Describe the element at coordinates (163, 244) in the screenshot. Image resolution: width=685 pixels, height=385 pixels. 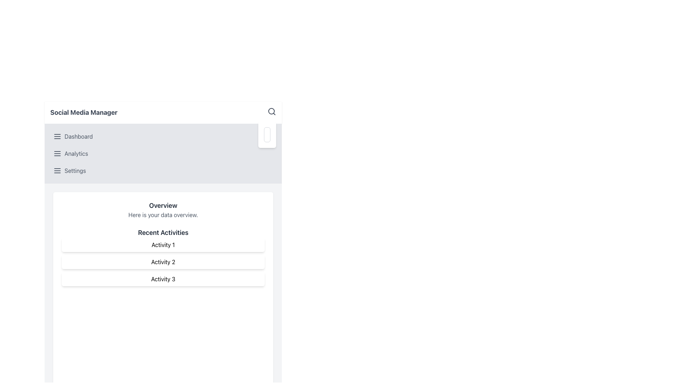
I see `the 'Activity 1' Text Label element, which is a box-shaped component with rounded corners, located in the 'Recent Activities' section` at that location.